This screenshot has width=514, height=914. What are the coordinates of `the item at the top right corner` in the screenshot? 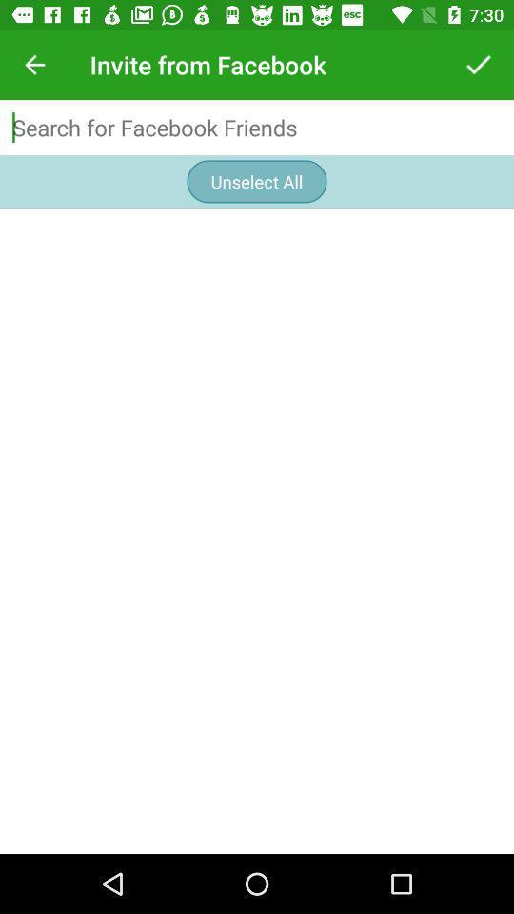 It's located at (478, 65).